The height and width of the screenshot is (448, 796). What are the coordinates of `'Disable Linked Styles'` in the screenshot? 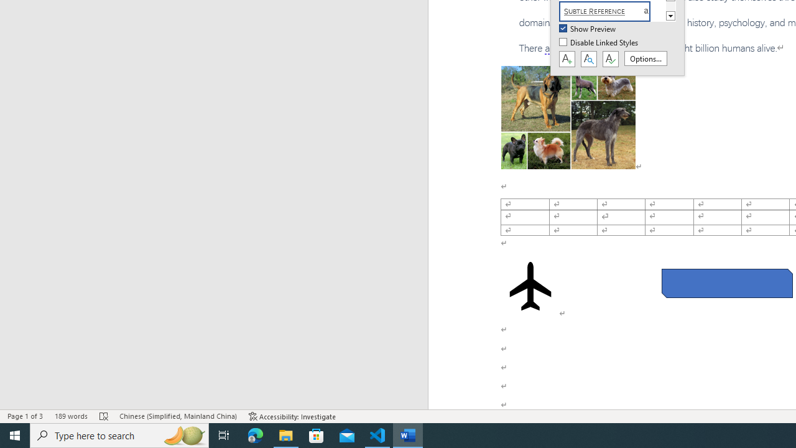 It's located at (599, 42).